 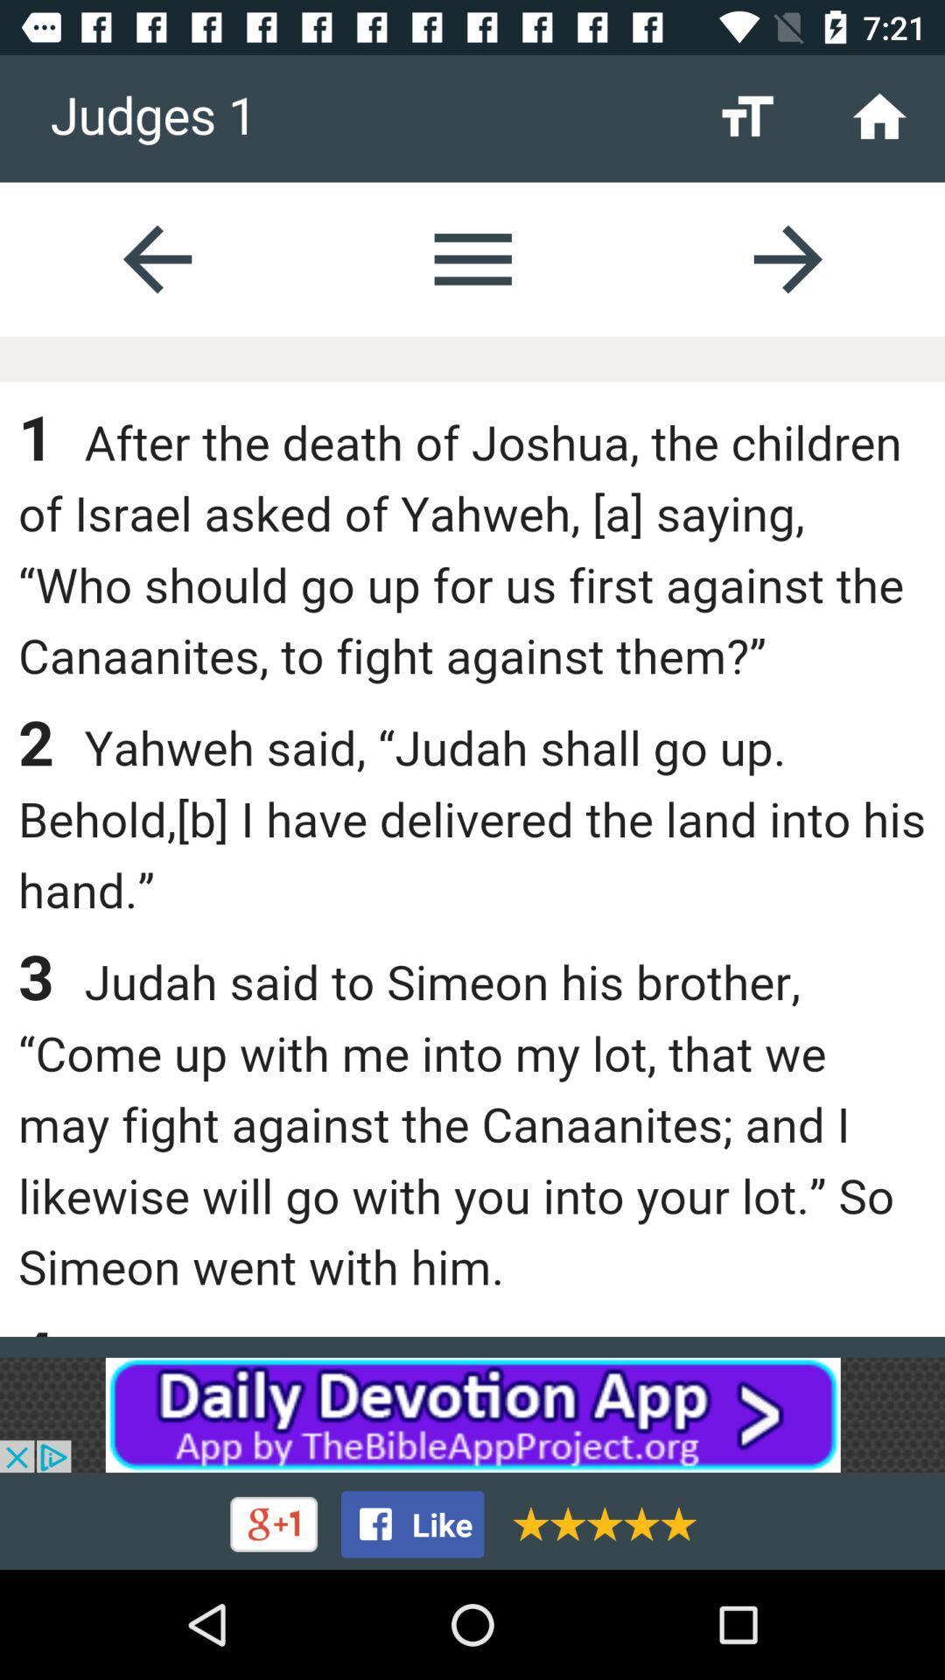 What do you see at coordinates (598, 1522) in the screenshot?
I see `advertisement for rating stars` at bounding box center [598, 1522].